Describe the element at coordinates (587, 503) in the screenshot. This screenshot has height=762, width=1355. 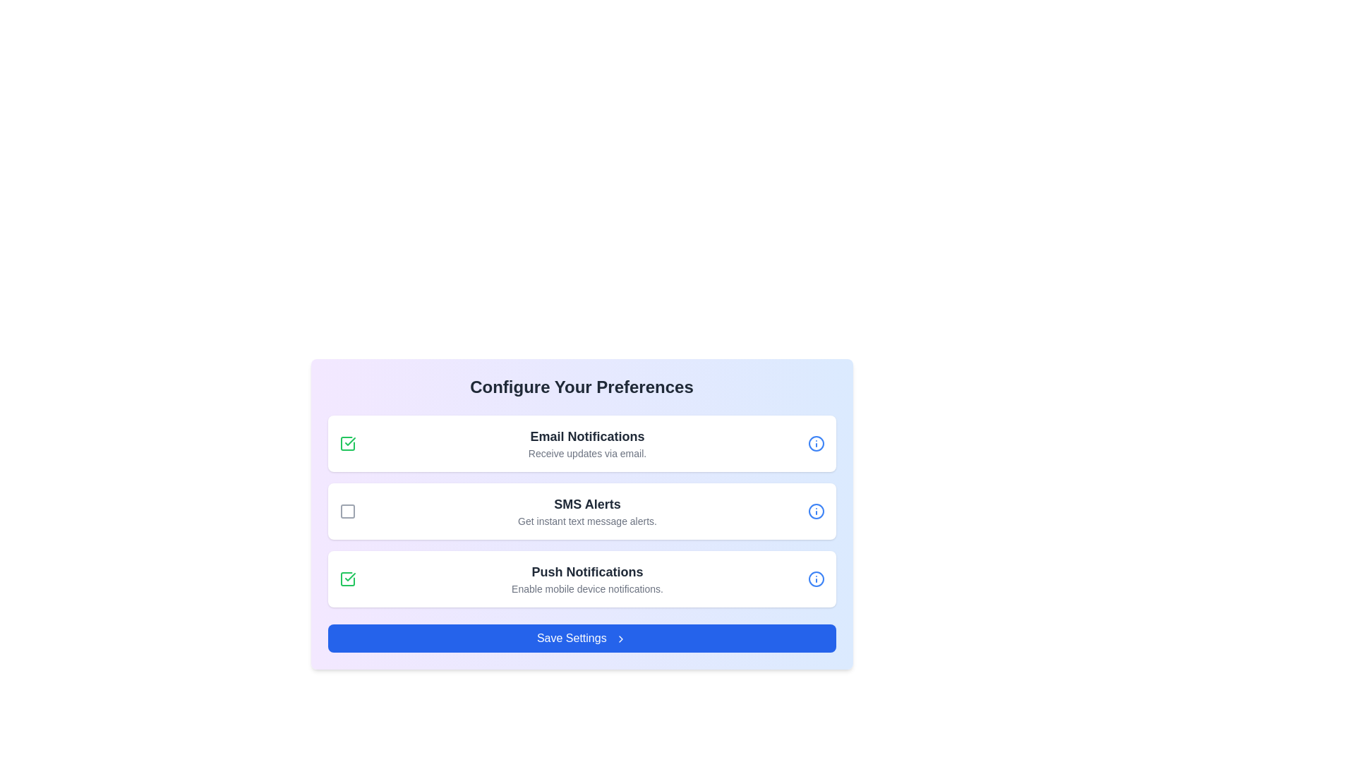
I see `heading text for the 'SMS Alerts' feature, which is located at the center of the card in the 'Configure Your Preferences' section` at that location.